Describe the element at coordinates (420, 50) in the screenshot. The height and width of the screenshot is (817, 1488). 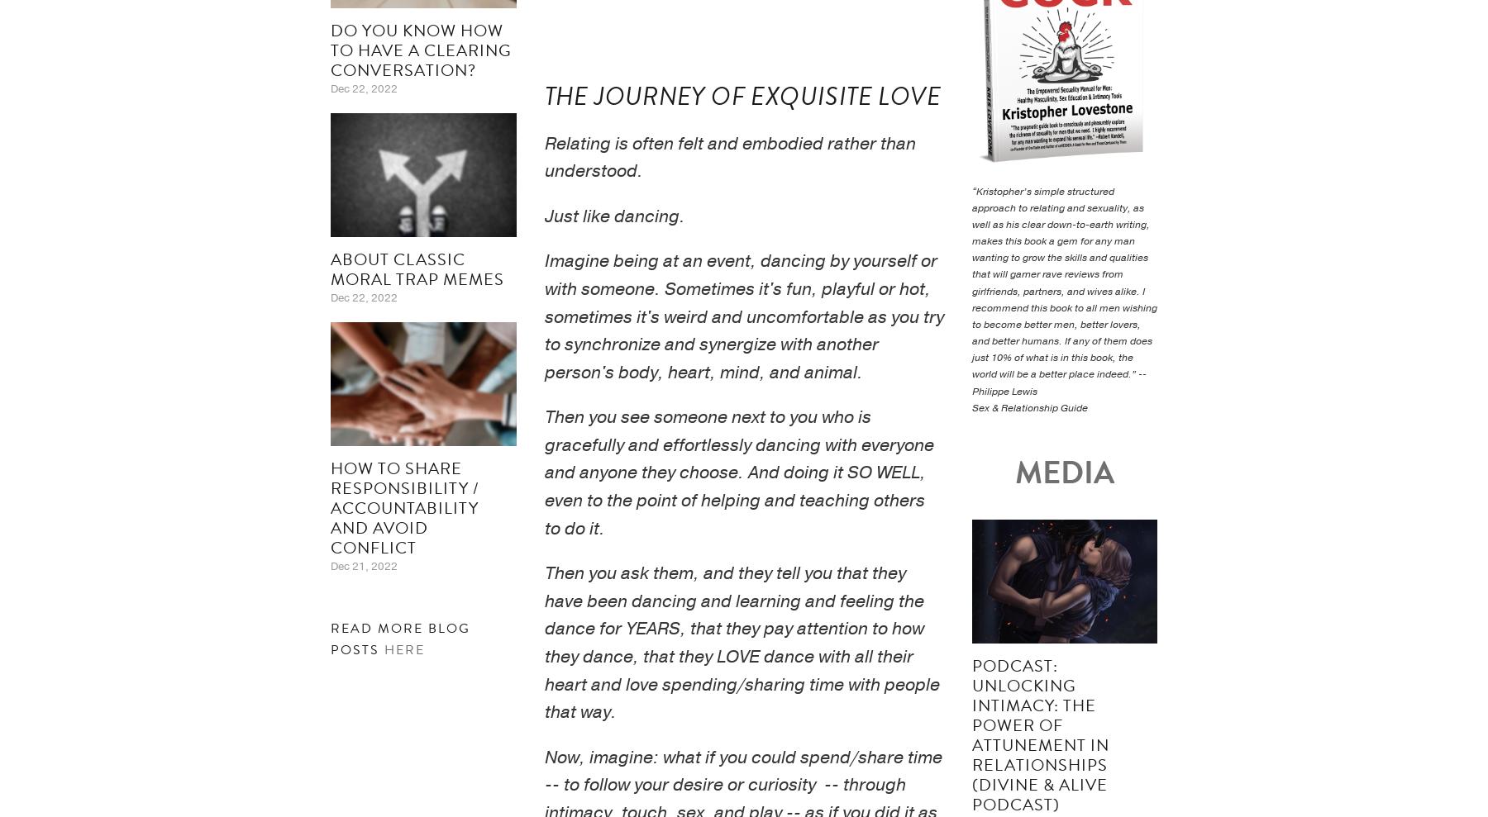
I see `'Do You Know How to Have a Clearing Conversation?'` at that location.